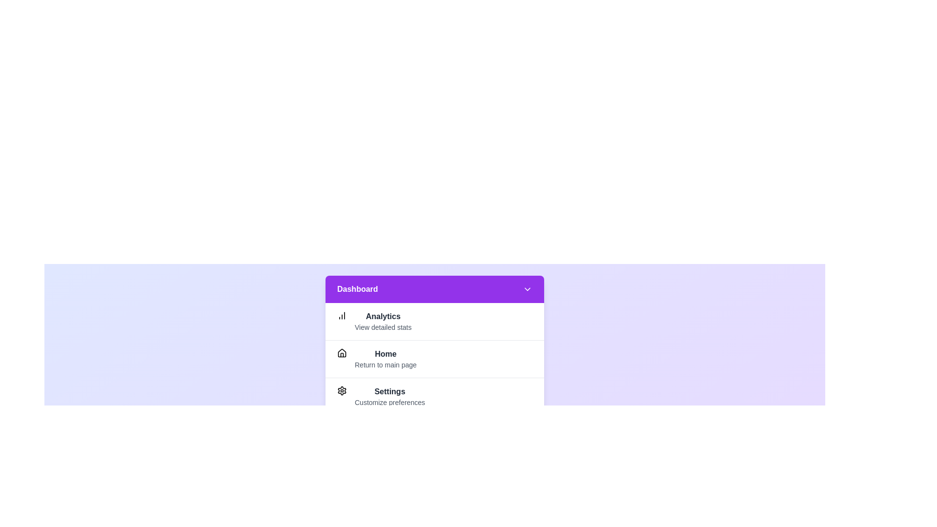  Describe the element at coordinates (434, 289) in the screenshot. I see `the 'Dashboard' button to toggle the menu open or closed` at that location.